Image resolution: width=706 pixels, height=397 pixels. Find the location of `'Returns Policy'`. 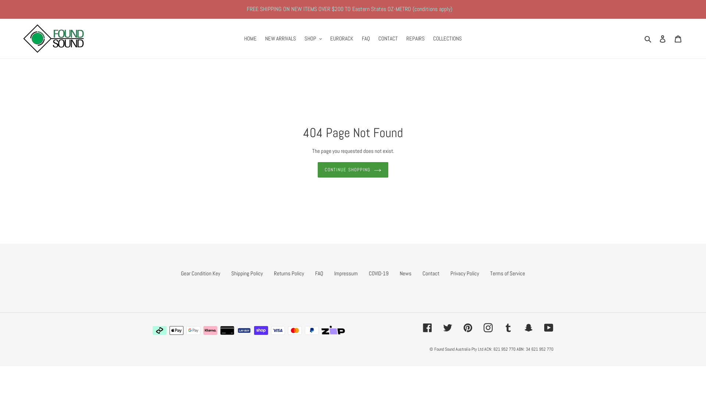

'Returns Policy' is located at coordinates (289, 273).